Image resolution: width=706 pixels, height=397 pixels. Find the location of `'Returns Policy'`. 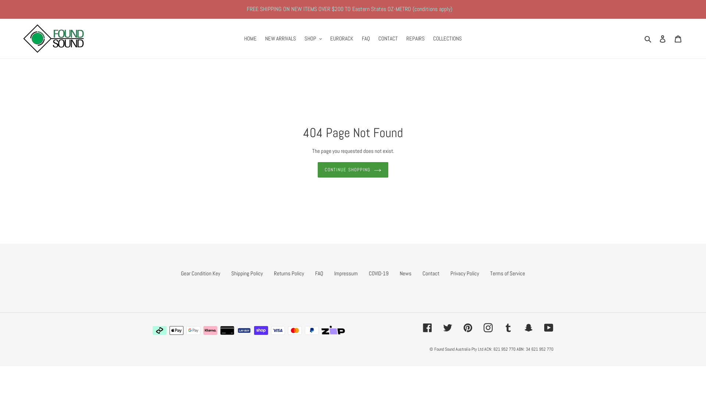

'Returns Policy' is located at coordinates (289, 273).